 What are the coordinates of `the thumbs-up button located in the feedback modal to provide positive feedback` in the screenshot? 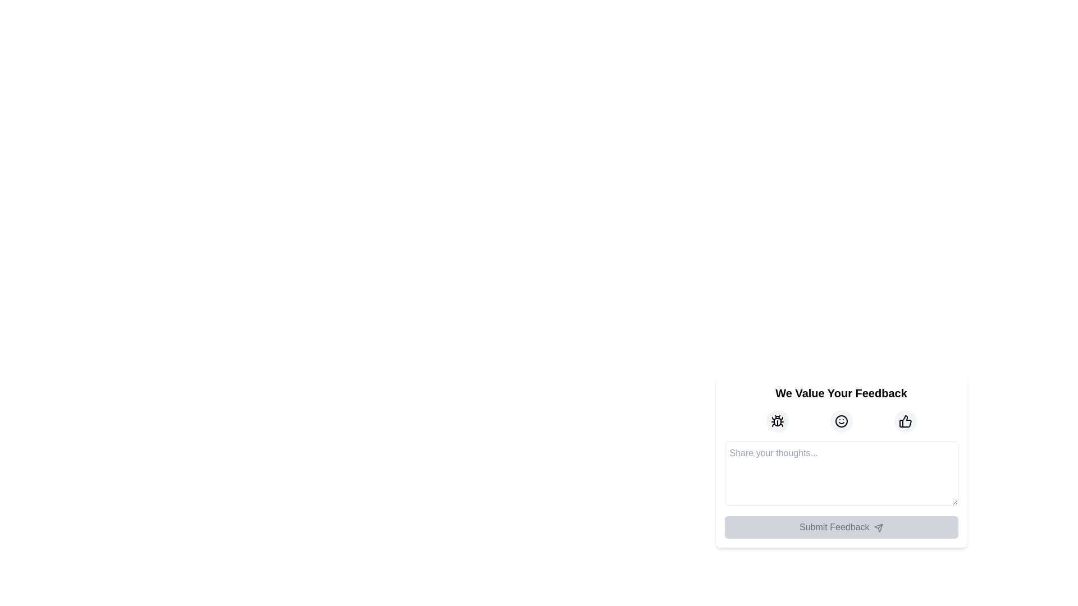 It's located at (905, 421).